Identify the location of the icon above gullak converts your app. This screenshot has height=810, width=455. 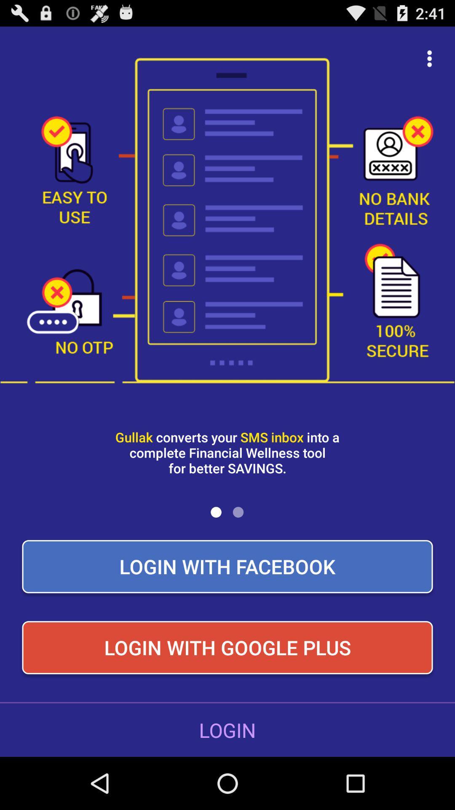
(429, 58).